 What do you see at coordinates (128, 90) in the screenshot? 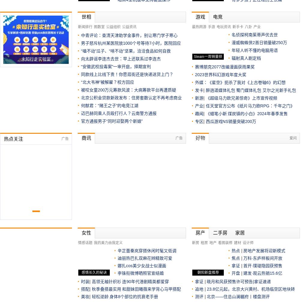
I see `'被咬女童200万元筹款风波：大病筹款平台再遭质疑'` at bounding box center [128, 90].